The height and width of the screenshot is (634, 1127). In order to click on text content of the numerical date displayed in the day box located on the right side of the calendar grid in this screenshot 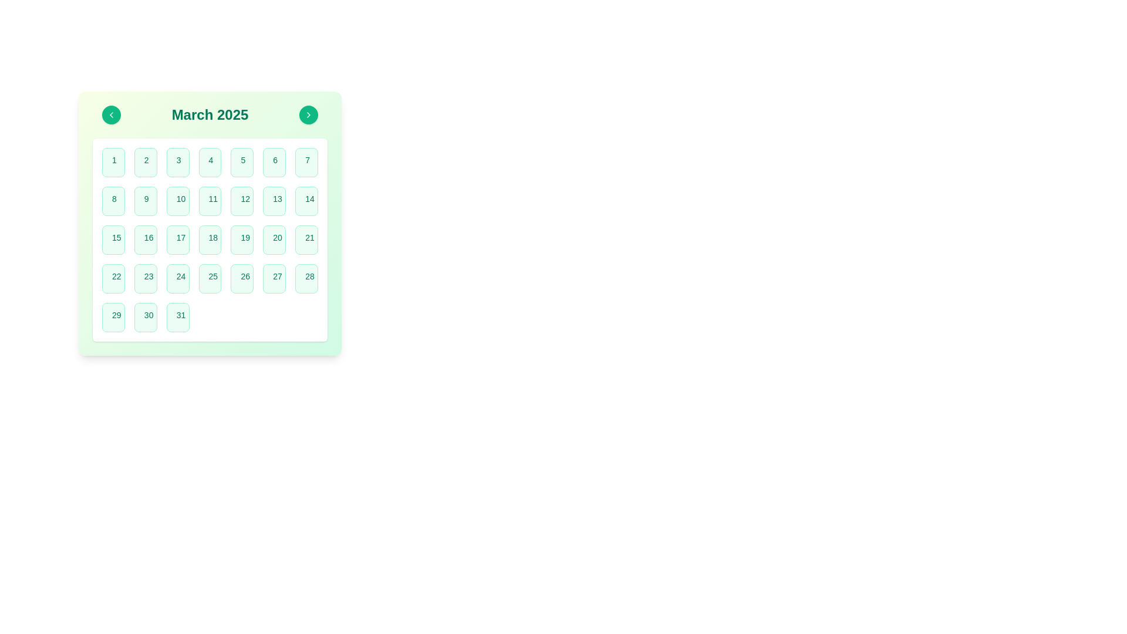, I will do `click(307, 160)`.